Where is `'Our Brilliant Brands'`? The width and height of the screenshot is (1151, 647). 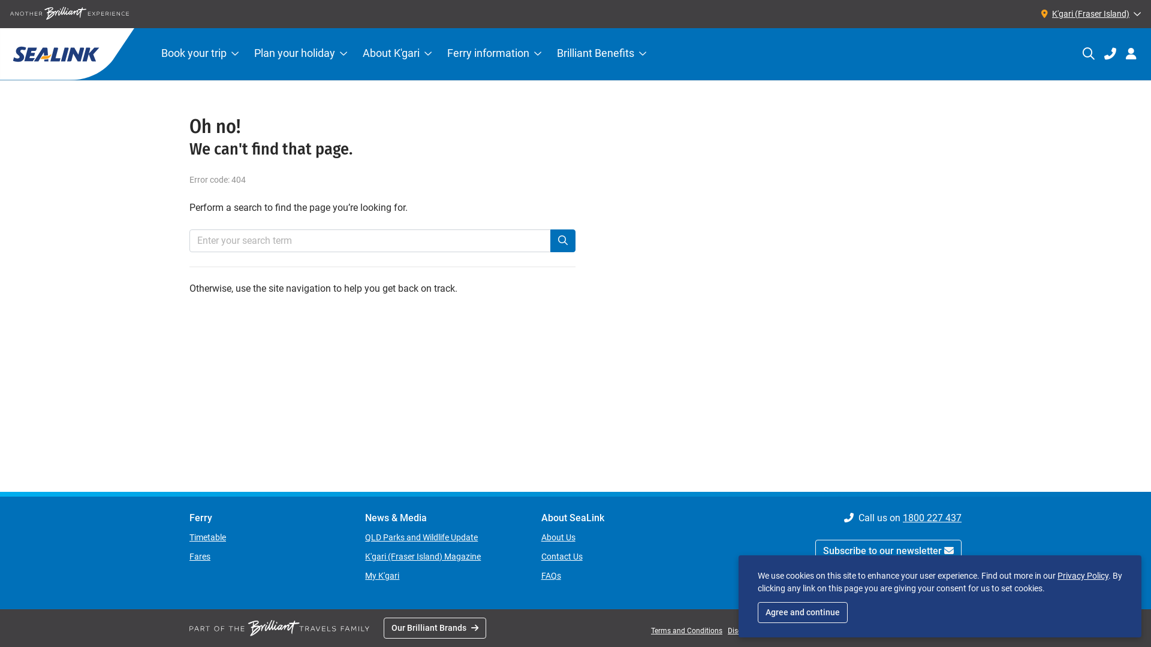 'Our Brilliant Brands' is located at coordinates (434, 627).